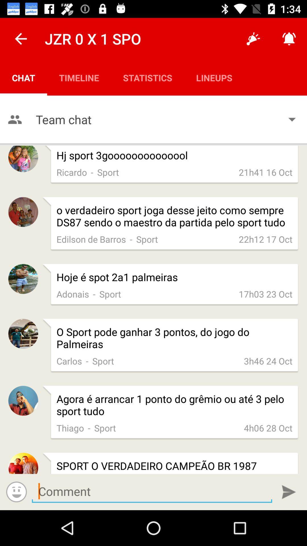  I want to click on icon below the jzr 0 x item, so click(79, 77).